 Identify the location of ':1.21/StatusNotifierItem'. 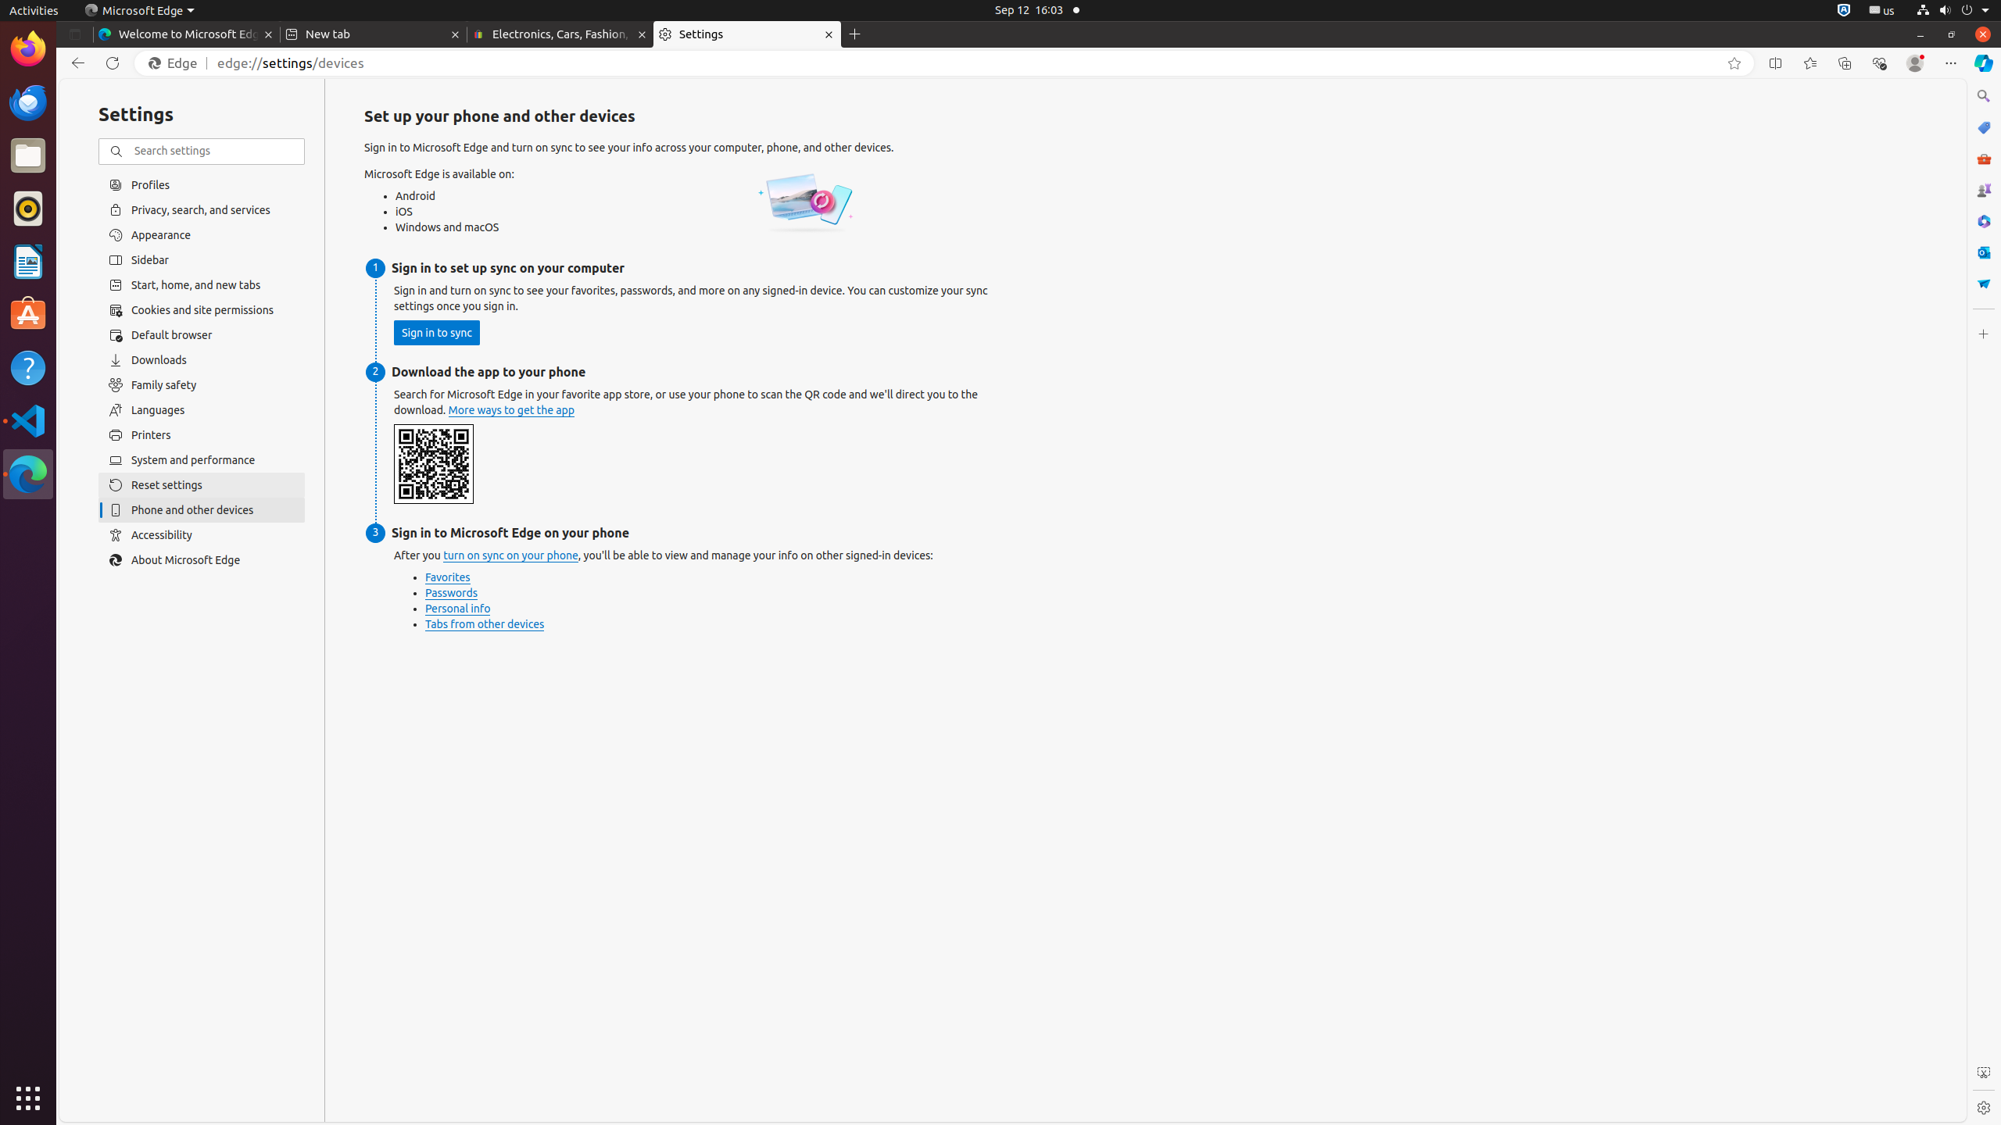
(1881, 9).